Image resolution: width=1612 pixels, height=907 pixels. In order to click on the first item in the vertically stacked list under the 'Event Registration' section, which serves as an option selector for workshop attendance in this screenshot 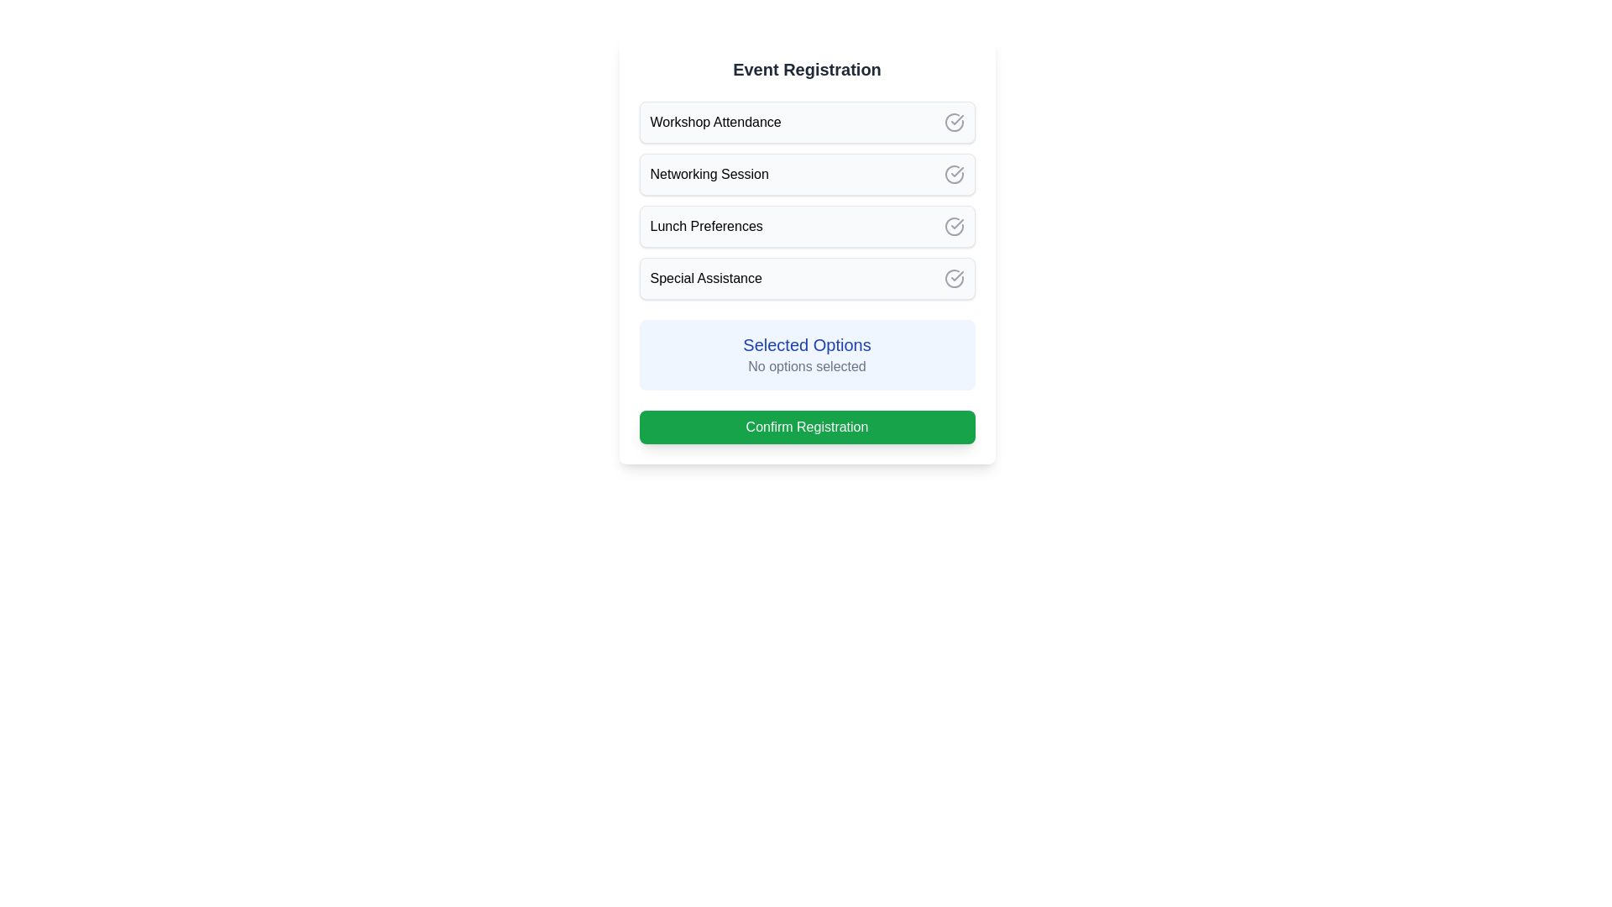, I will do `click(807, 122)`.